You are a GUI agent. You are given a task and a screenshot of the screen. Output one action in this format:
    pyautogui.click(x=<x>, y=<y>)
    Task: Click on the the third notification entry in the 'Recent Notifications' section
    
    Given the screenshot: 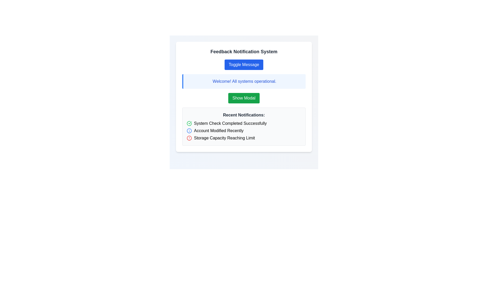 What is the action you would take?
    pyautogui.click(x=243, y=138)
    